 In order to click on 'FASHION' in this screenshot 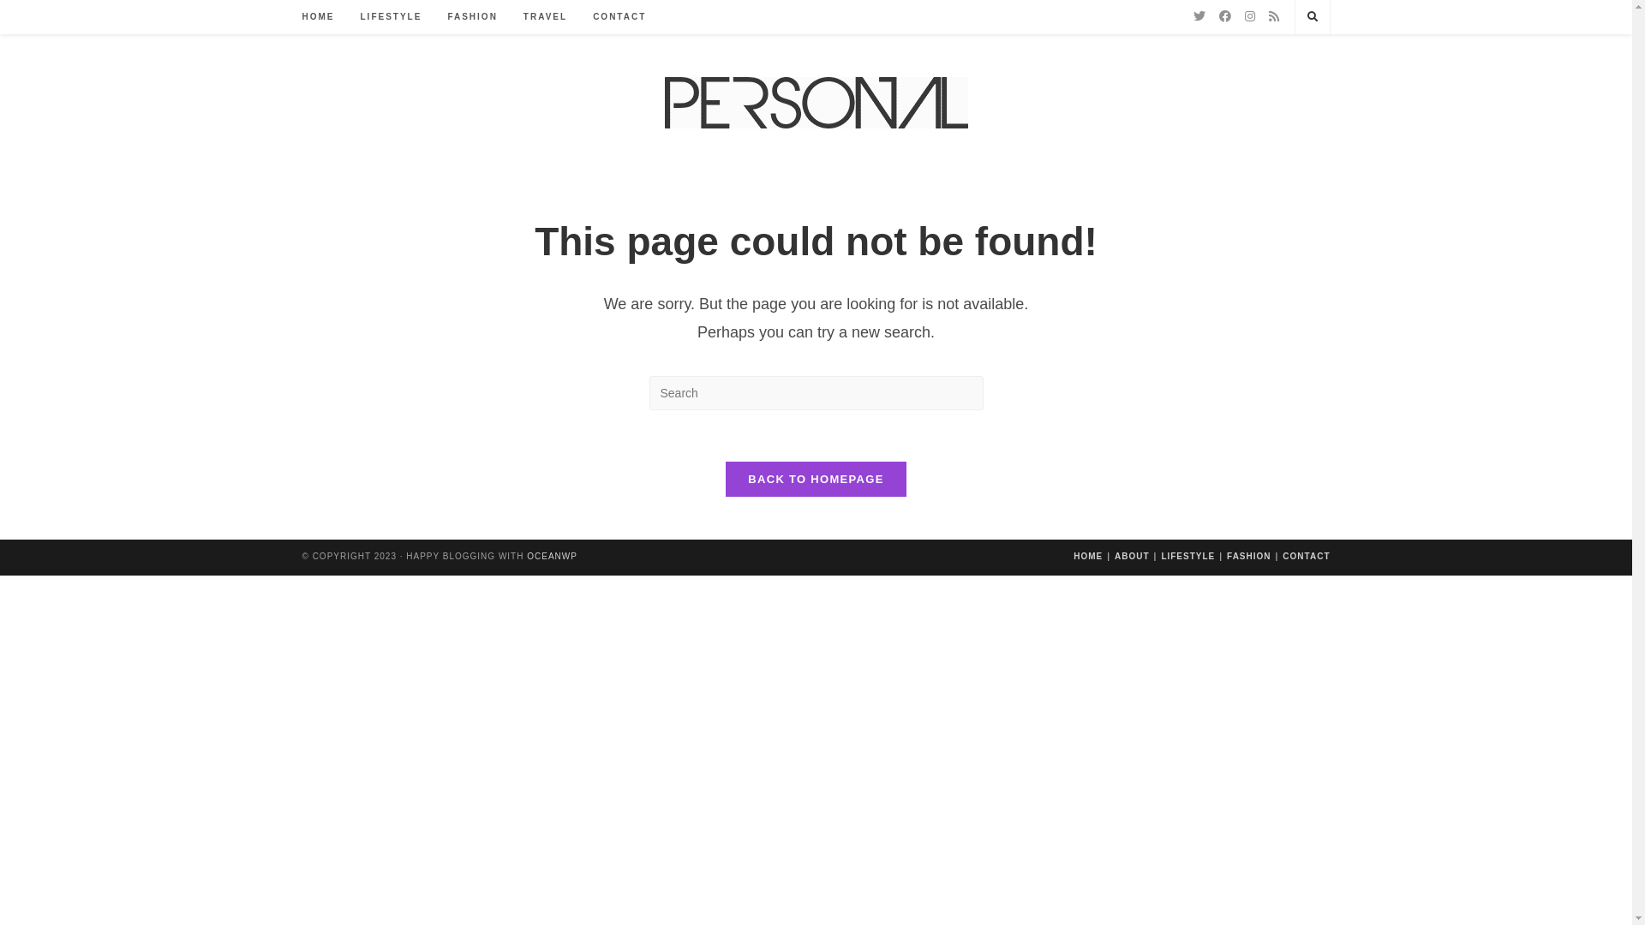, I will do `click(1248, 556)`.